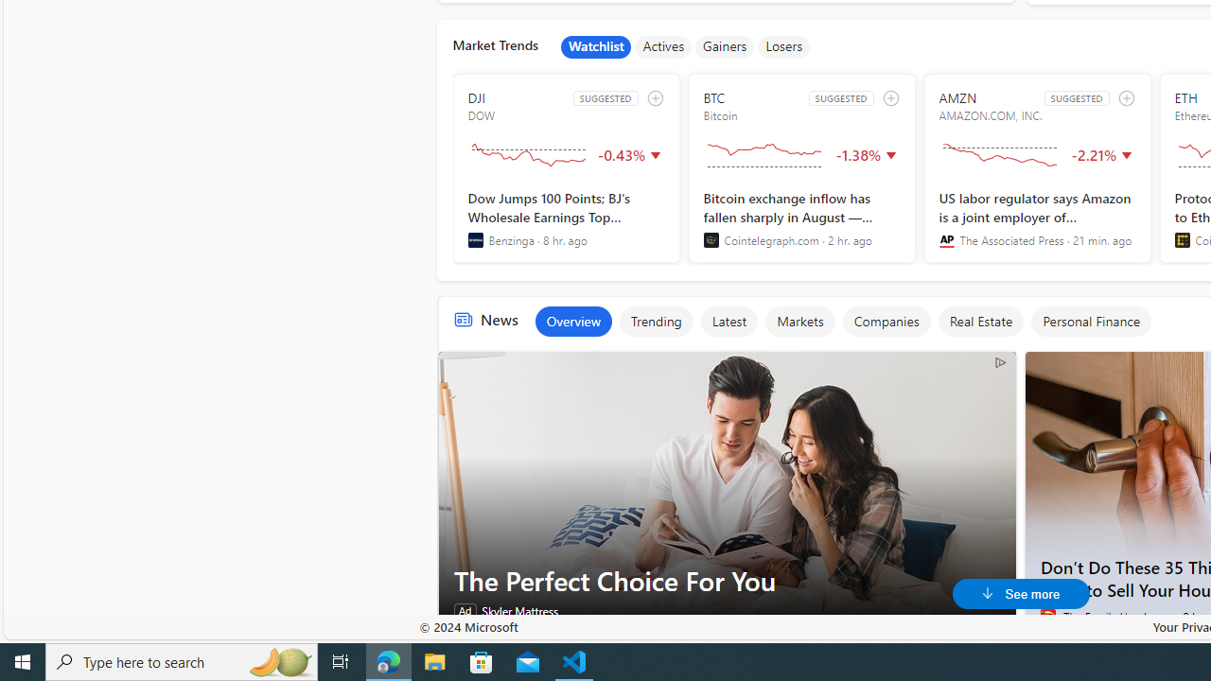 The width and height of the screenshot is (1211, 681). I want to click on 'Cointelegraph.com', so click(710, 239).